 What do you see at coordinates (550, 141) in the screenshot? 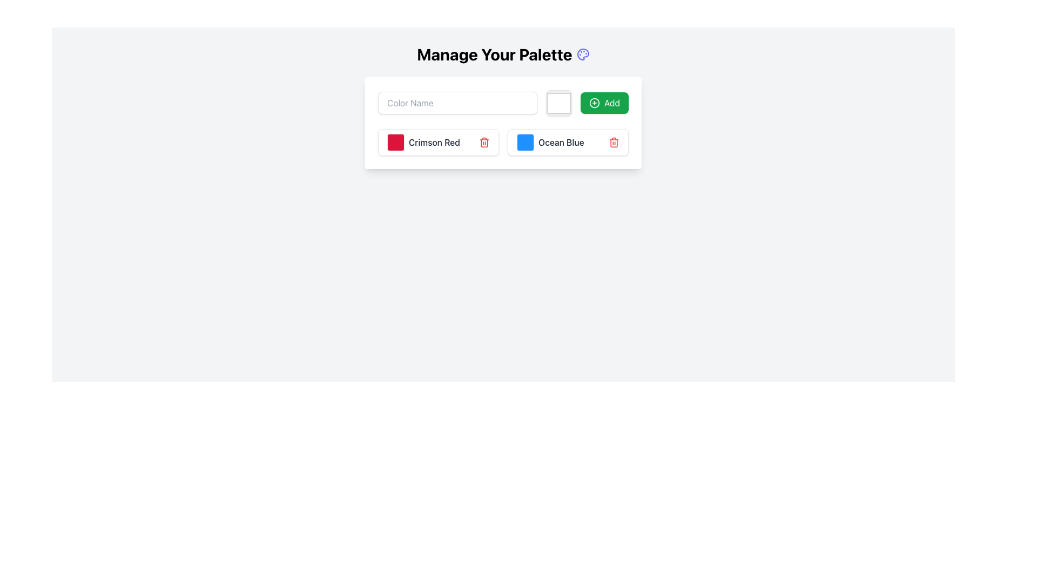
I see `the color swatch and text labeled 'Ocean Blue' in the color entry list, which is the second item after 'Crimson Red'` at bounding box center [550, 141].